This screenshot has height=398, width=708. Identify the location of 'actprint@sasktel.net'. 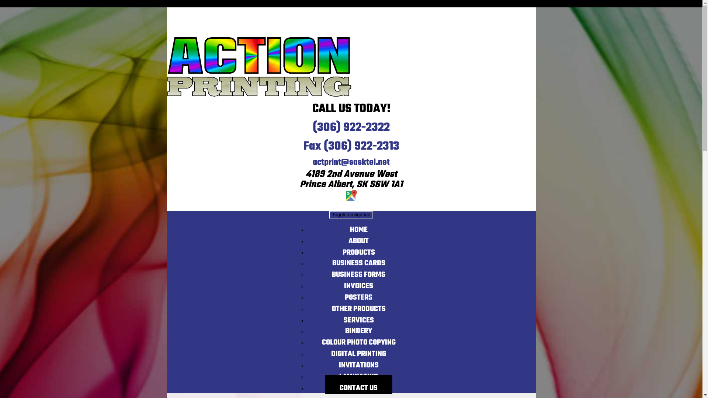
(351, 162).